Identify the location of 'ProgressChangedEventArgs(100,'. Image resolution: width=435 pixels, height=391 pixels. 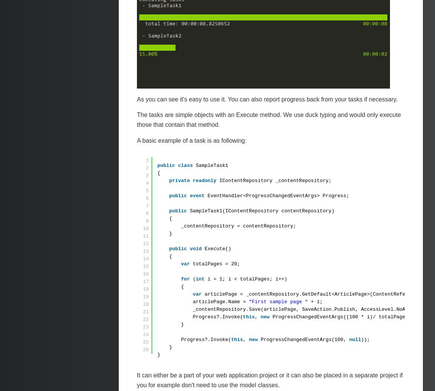
(304, 339).